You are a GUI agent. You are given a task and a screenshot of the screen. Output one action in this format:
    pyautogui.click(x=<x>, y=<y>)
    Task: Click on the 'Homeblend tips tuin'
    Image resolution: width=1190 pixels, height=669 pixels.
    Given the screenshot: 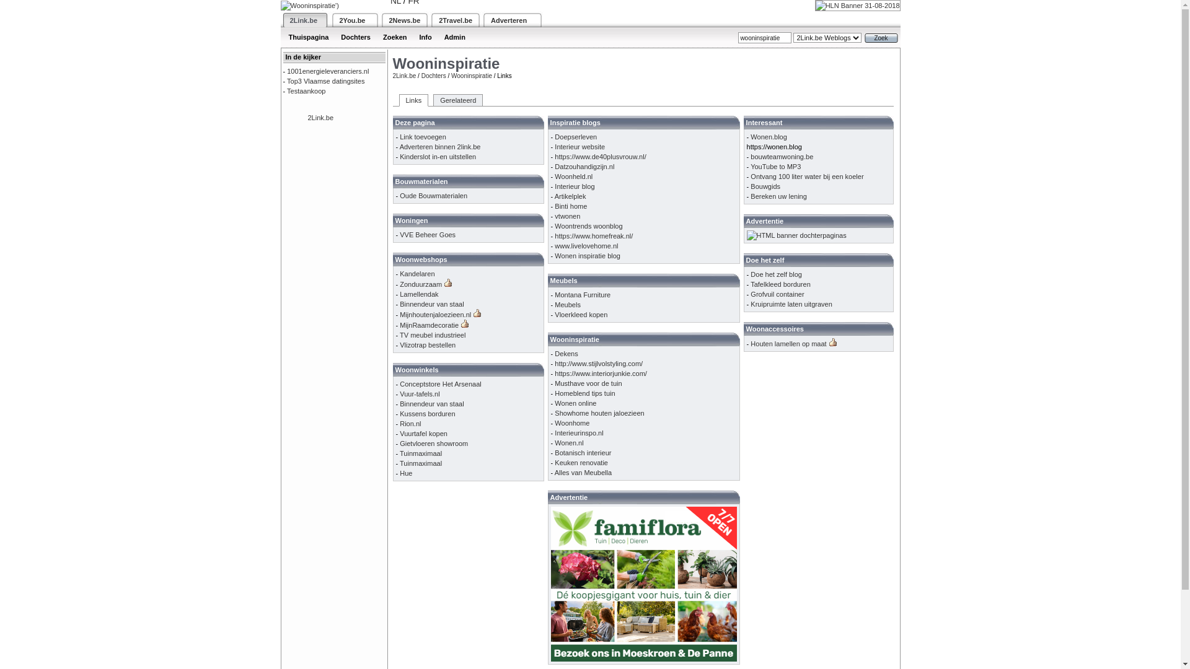 What is the action you would take?
    pyautogui.click(x=584, y=393)
    